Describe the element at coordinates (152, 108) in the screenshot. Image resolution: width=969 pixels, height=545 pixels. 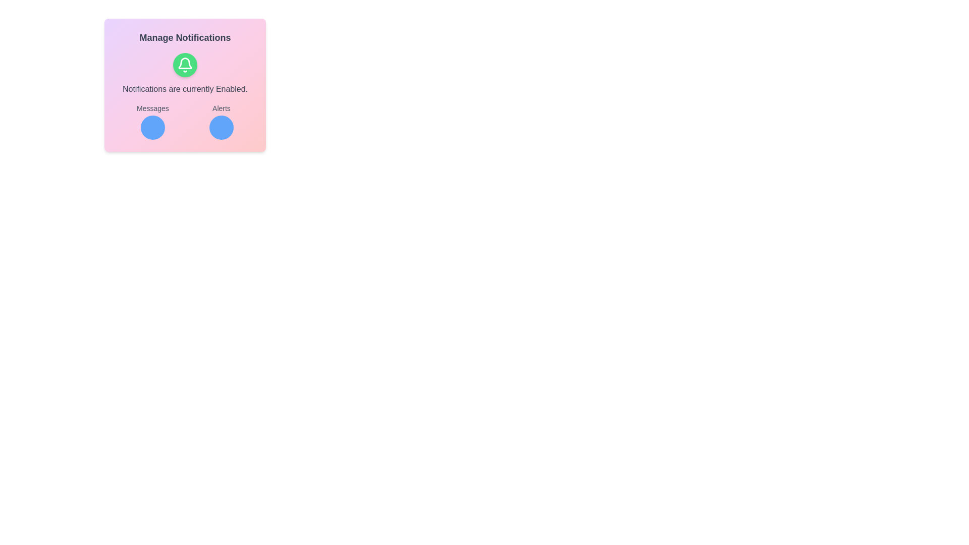
I see `the text label displaying 'Messages', which is styled in a bold font on a light pink background, located above a blue circular button` at that location.